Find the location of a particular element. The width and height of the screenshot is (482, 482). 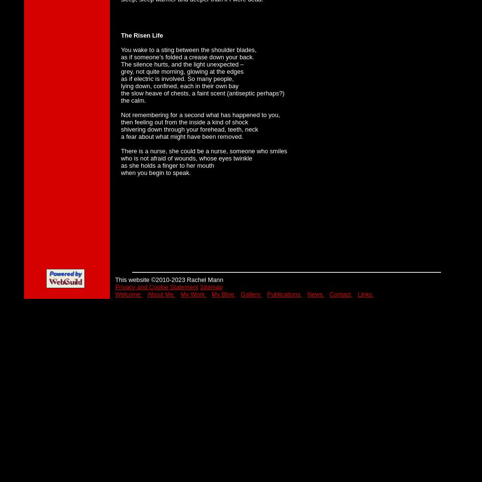

'This website ©2010-2023 Rachel Mann' is located at coordinates (169, 279).